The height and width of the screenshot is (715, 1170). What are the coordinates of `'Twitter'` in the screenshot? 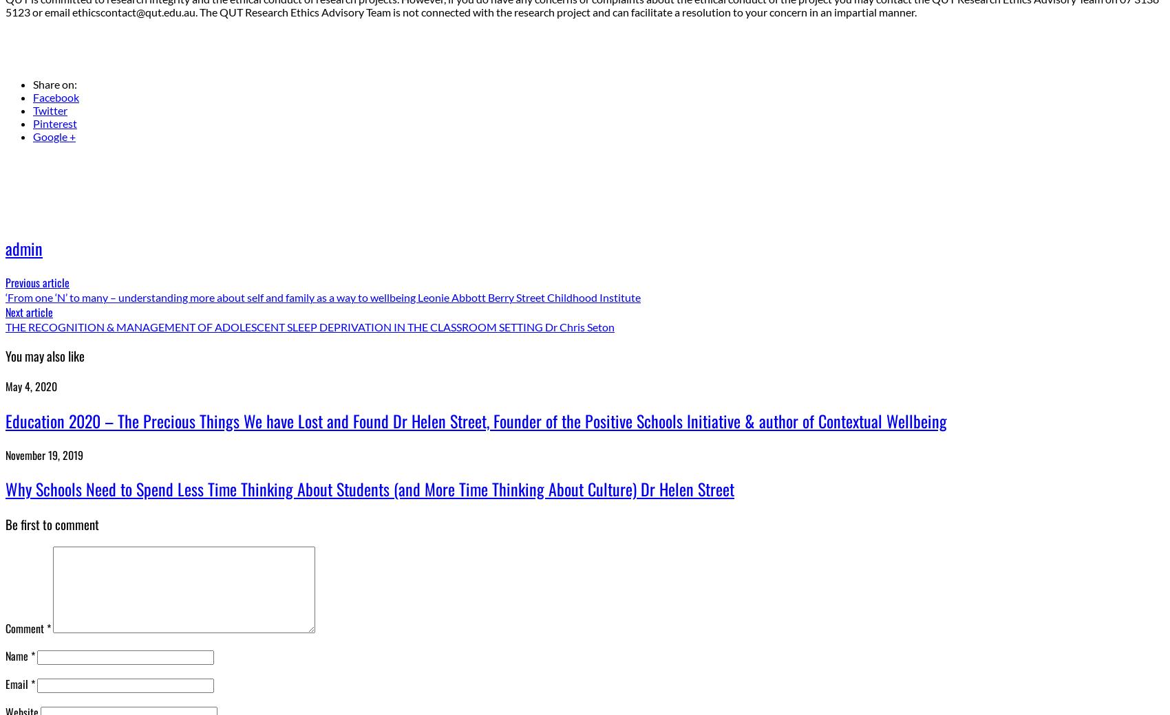 It's located at (50, 110).